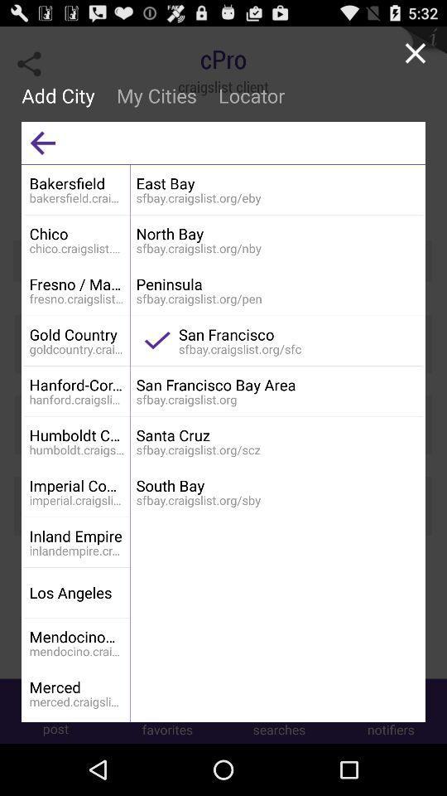 The height and width of the screenshot is (796, 447). I want to click on santa cruz item, so click(276, 434).